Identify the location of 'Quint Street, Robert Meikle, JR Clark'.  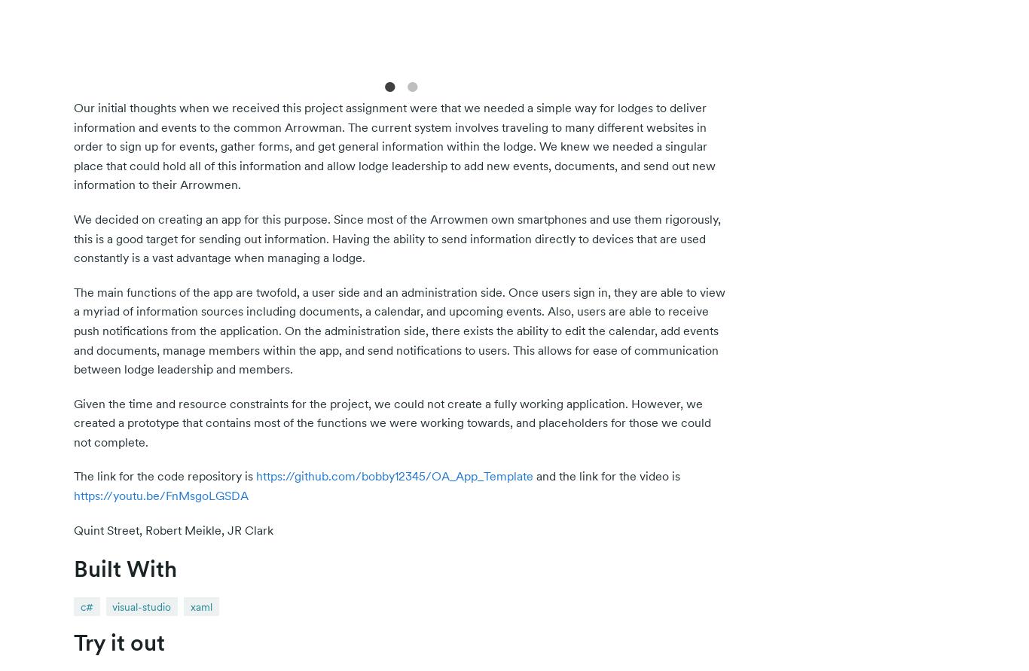
(173, 528).